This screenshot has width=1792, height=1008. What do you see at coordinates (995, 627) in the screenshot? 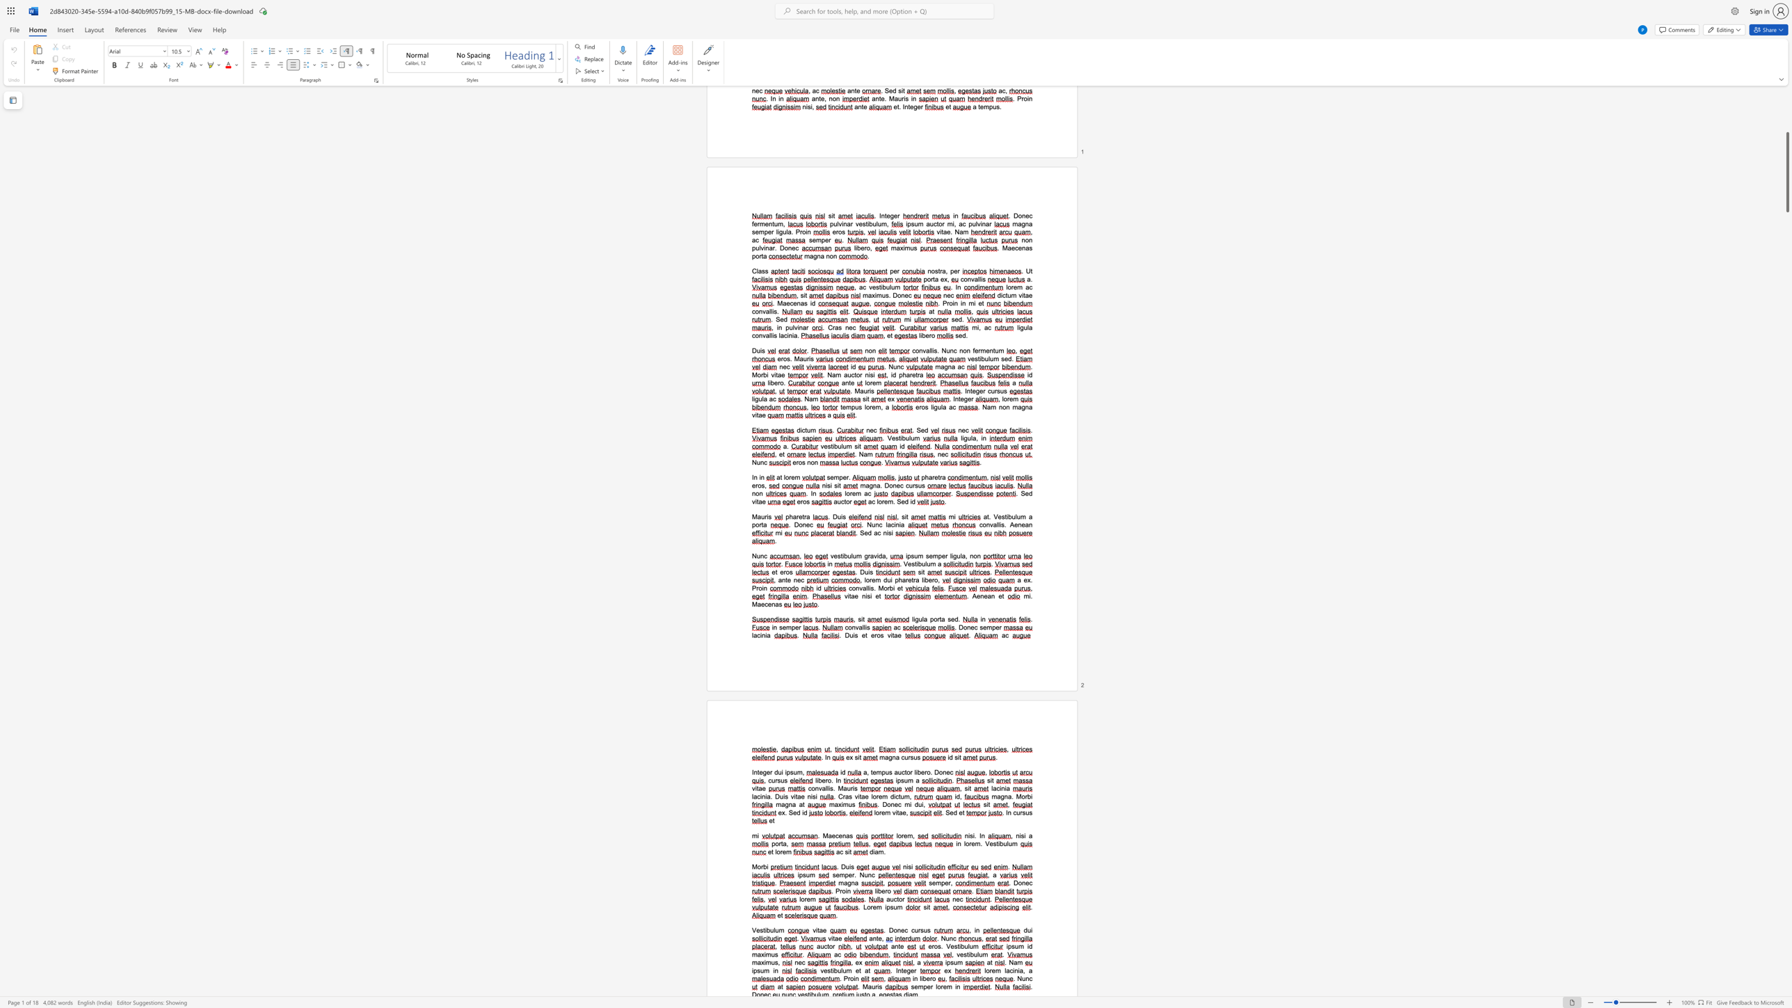
I see `the space between the continuous character "p" and "e" in the text` at bounding box center [995, 627].